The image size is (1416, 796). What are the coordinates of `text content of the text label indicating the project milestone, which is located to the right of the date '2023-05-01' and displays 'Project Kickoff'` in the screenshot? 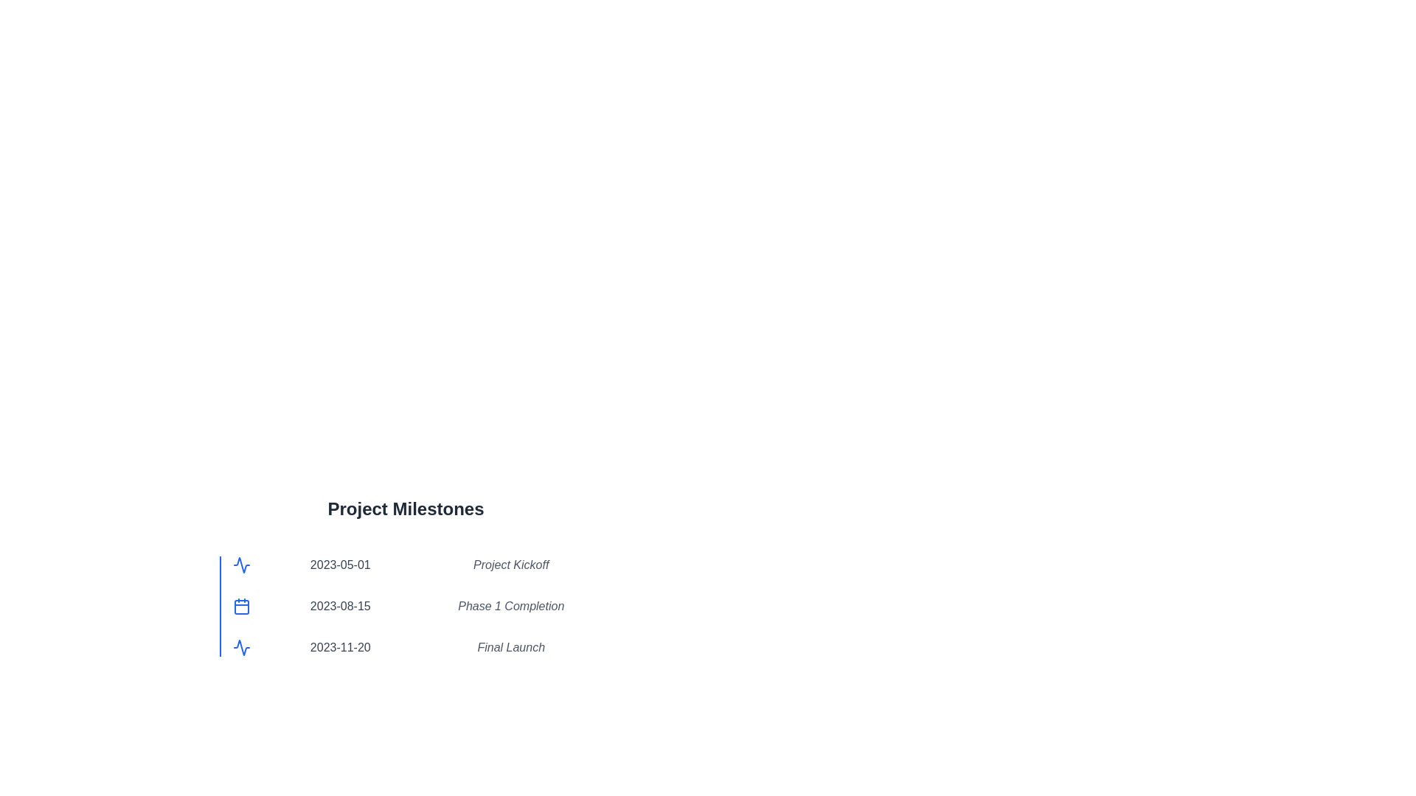 It's located at (511, 565).